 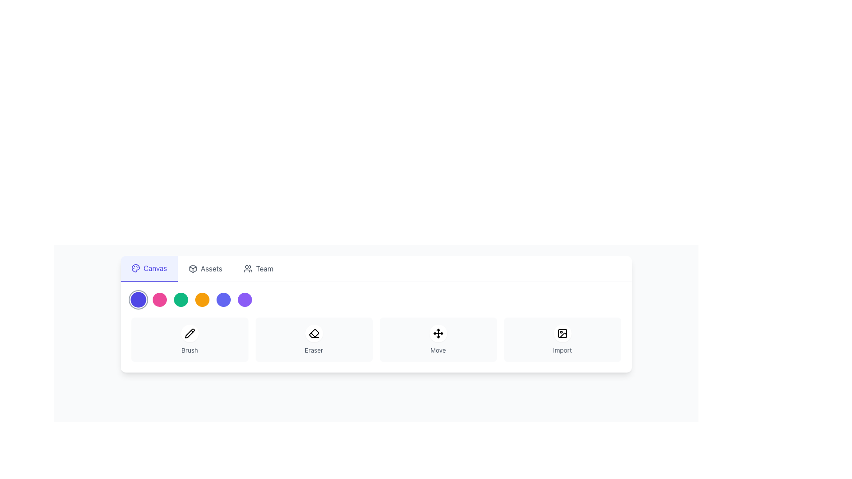 What do you see at coordinates (149, 268) in the screenshot?
I see `the 'Canvas' button with a blue text and palette icon` at bounding box center [149, 268].